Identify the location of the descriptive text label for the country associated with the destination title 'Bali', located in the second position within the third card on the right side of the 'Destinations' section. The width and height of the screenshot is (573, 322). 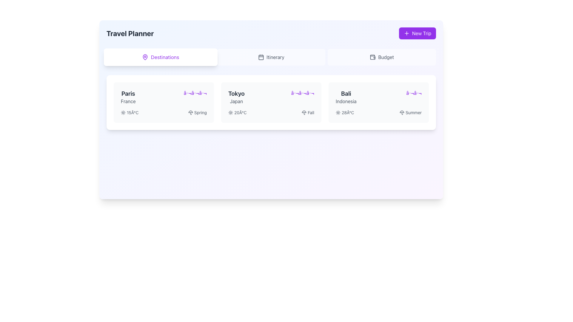
(346, 101).